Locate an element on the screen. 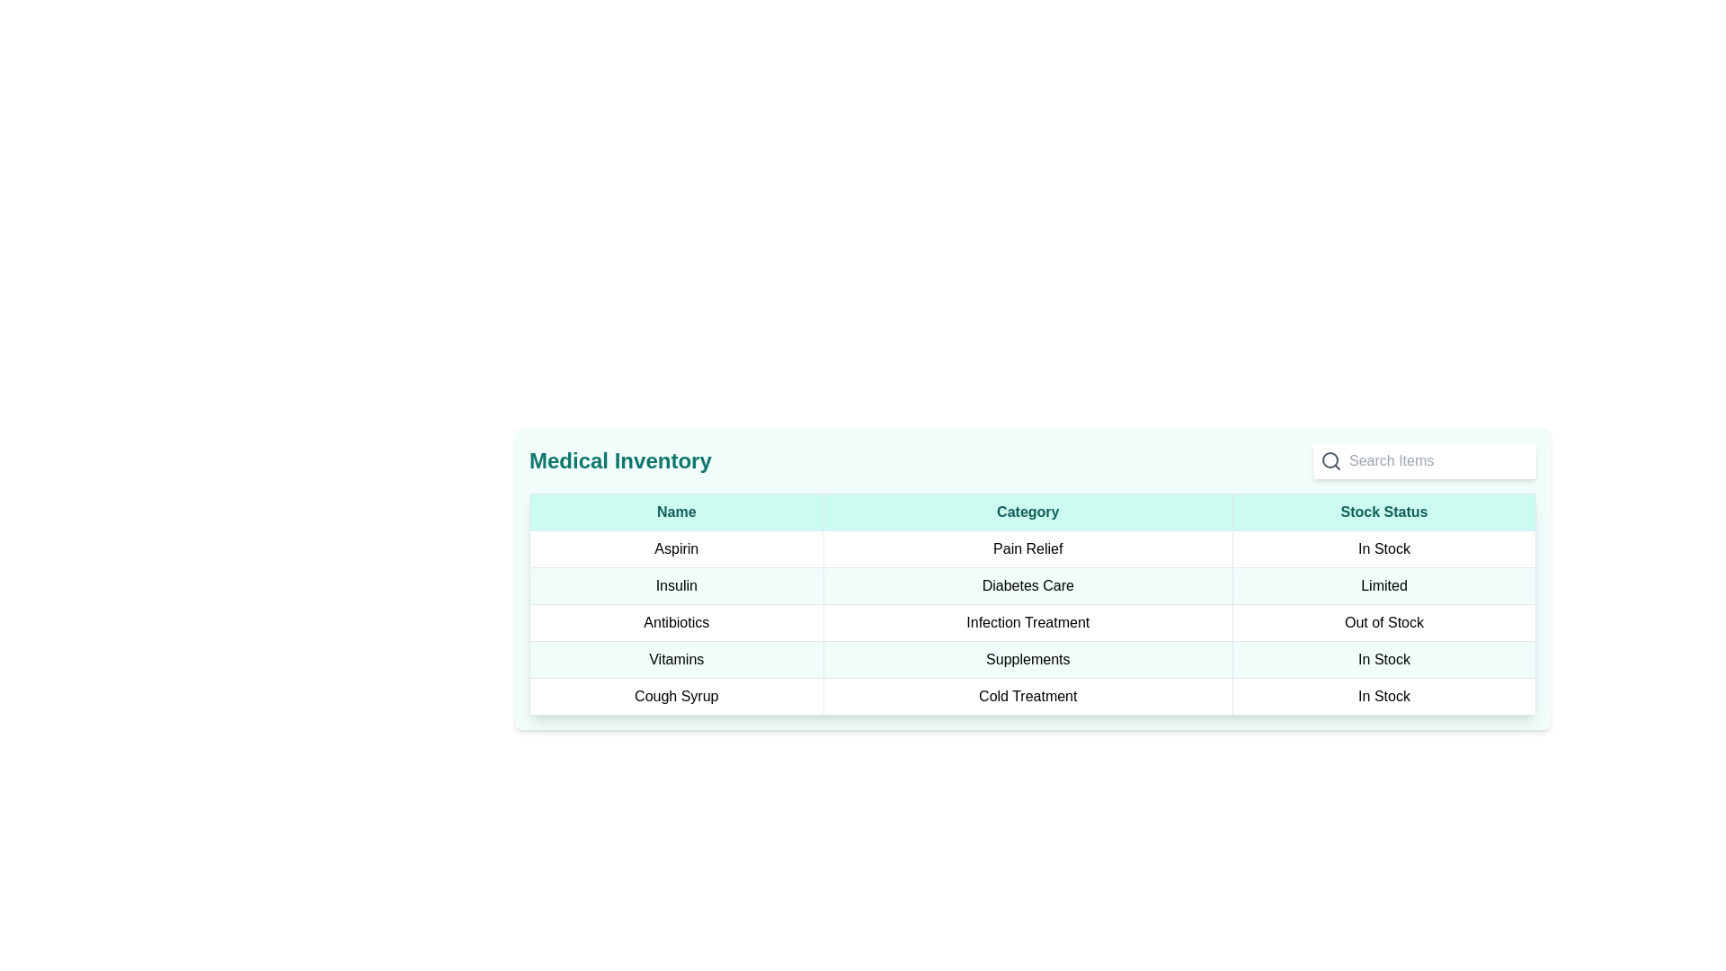  the 'Stock Status' column header, which is the rightmost column header in the table layout, following 'Name' and 'Category' is located at coordinates (1383, 512).